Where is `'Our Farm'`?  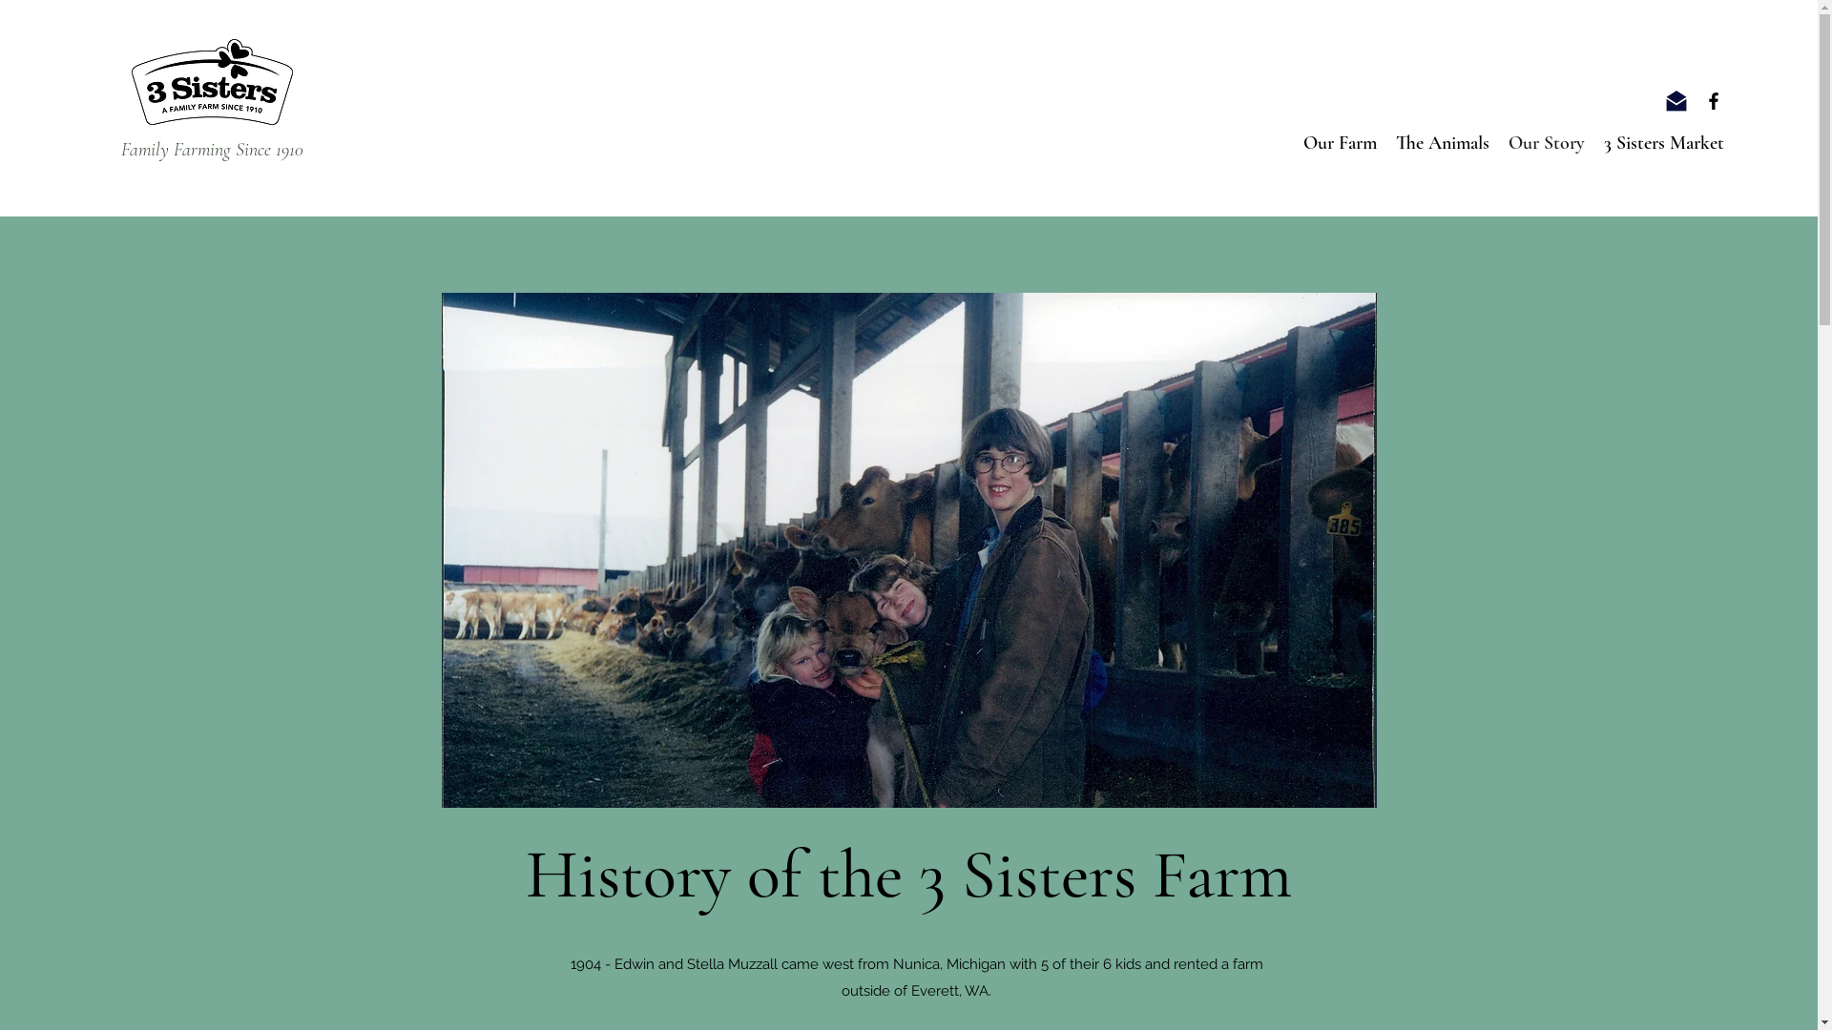 'Our Farm' is located at coordinates (1339, 142).